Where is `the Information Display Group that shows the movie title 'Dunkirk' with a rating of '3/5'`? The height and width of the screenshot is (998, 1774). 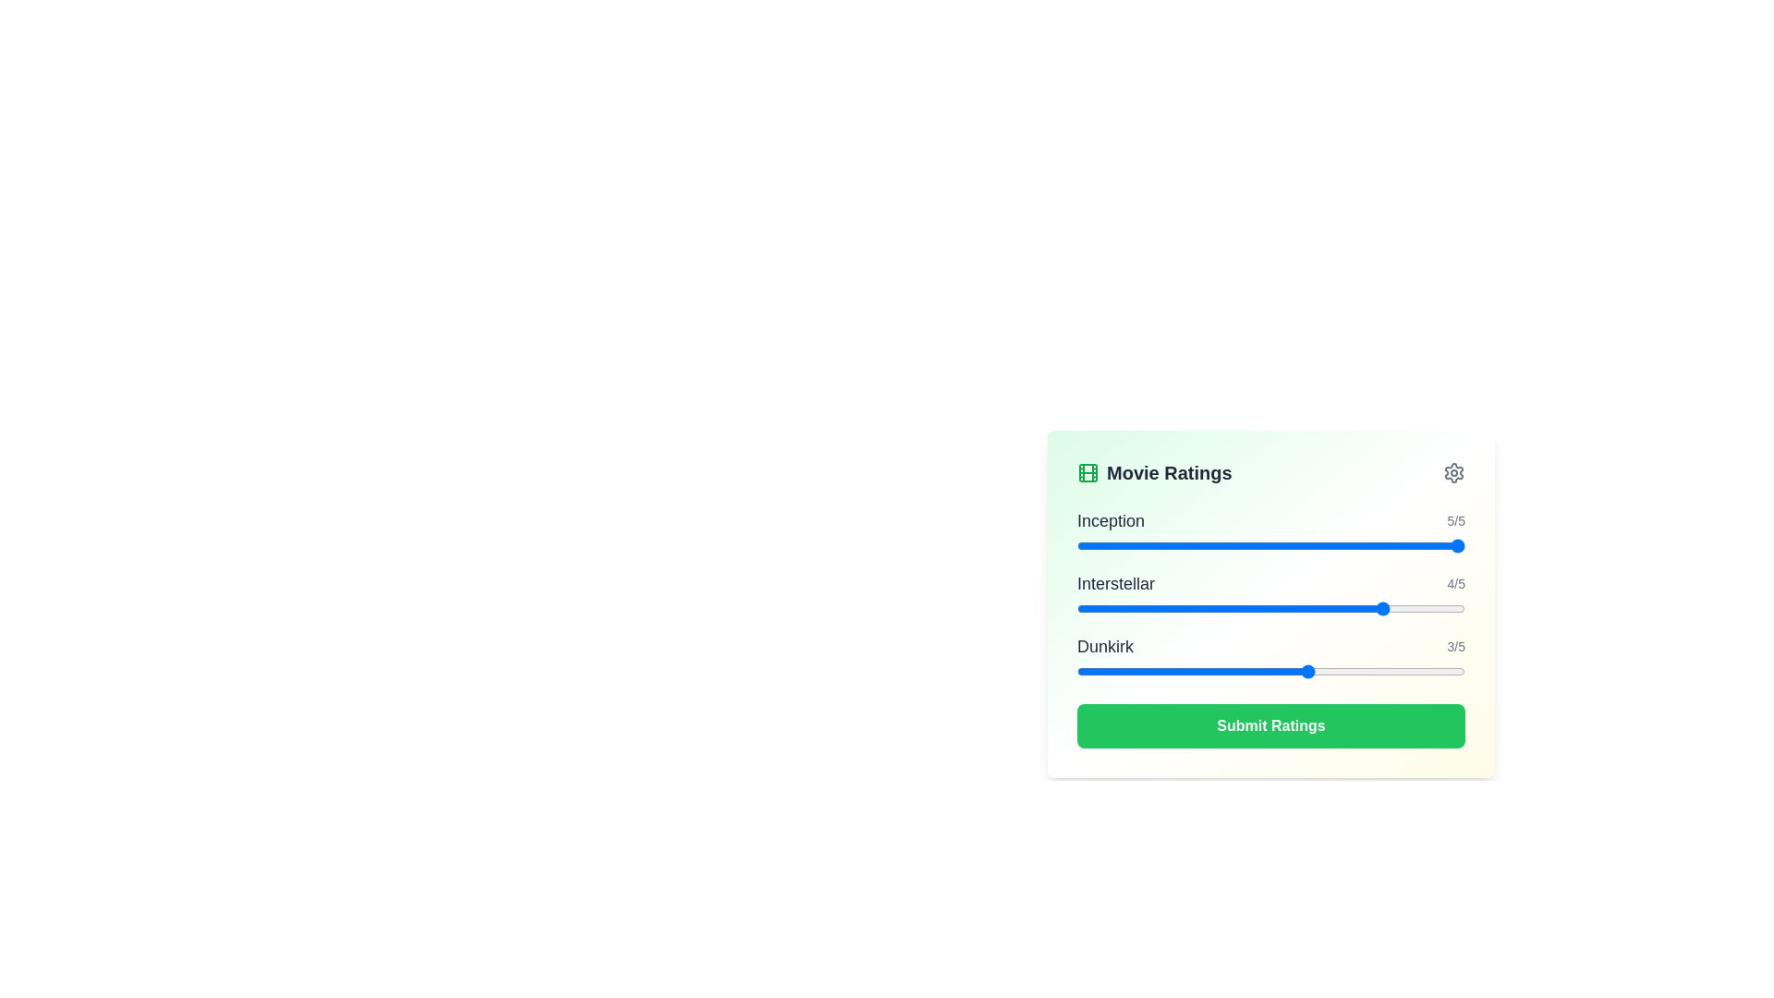 the Information Display Group that shows the movie title 'Dunkirk' with a rating of '3/5' is located at coordinates (1270, 645).